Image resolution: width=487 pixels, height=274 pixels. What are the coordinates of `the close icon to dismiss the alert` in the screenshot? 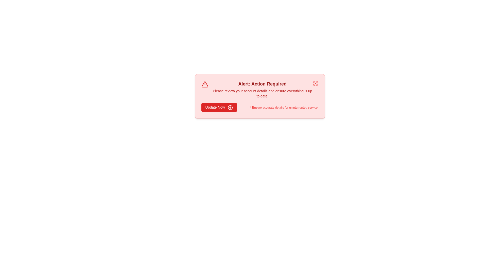 It's located at (315, 83).